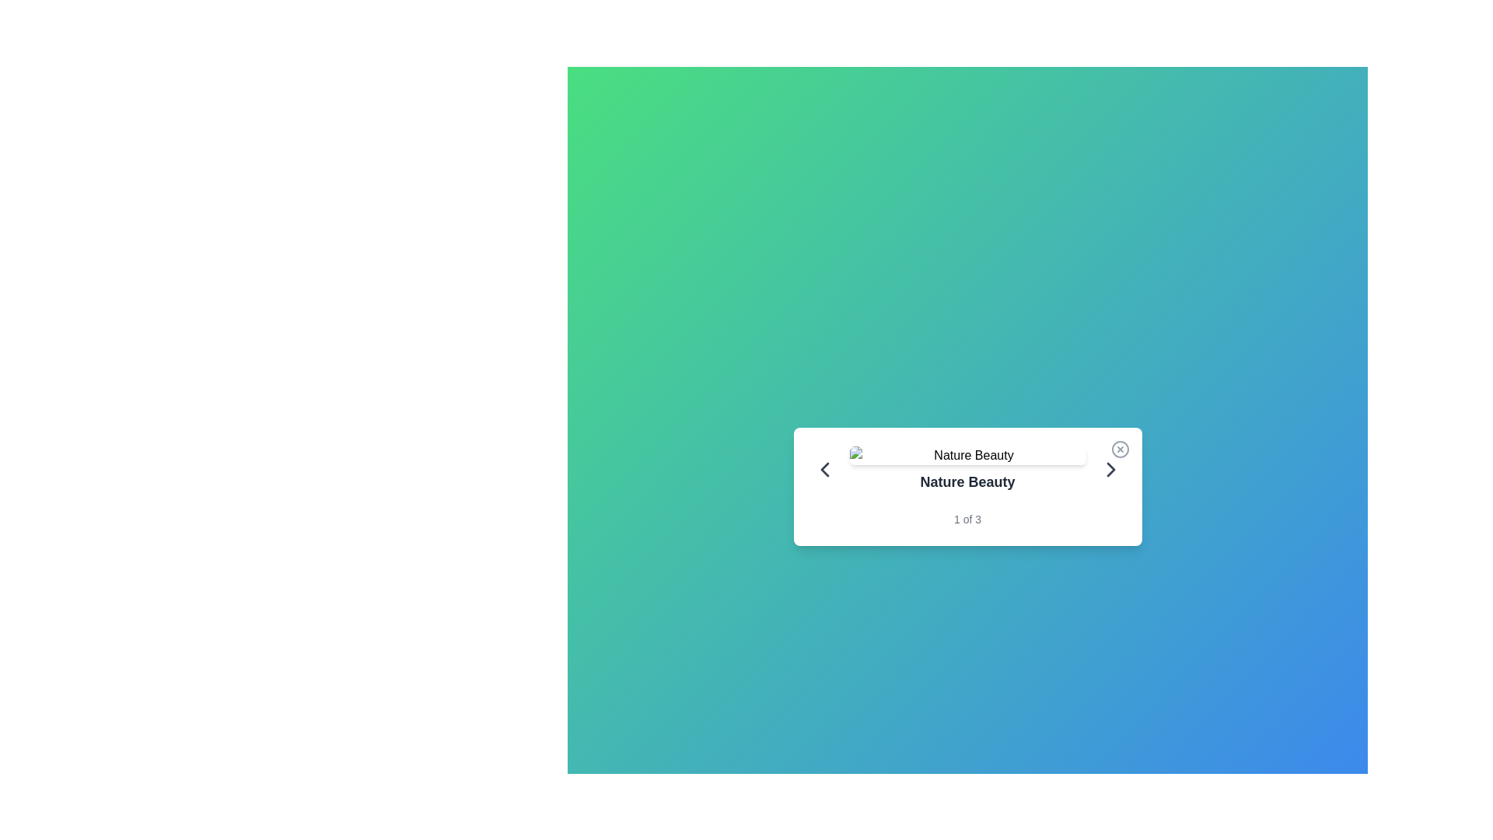 This screenshot has height=840, width=1493. What do you see at coordinates (967, 519) in the screenshot?
I see `text displaying the current index and total count of items at the bottom of the 'Nature Beauty' pop-up card` at bounding box center [967, 519].